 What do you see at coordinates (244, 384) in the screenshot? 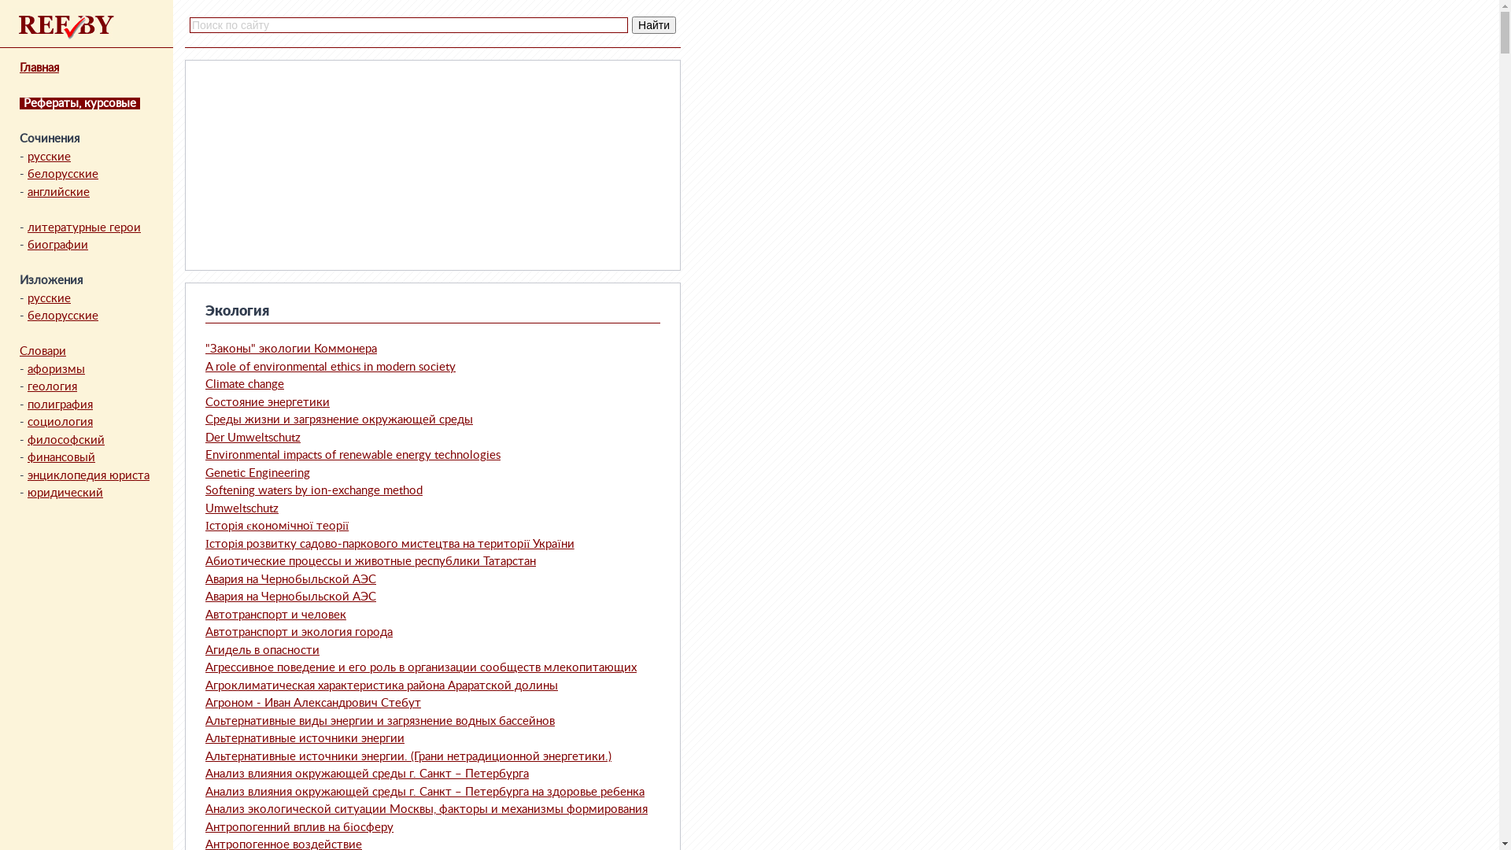
I see `'Climate change'` at bounding box center [244, 384].